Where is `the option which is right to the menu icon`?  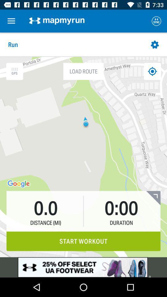
the option which is right to the menu icon is located at coordinates (57, 21).